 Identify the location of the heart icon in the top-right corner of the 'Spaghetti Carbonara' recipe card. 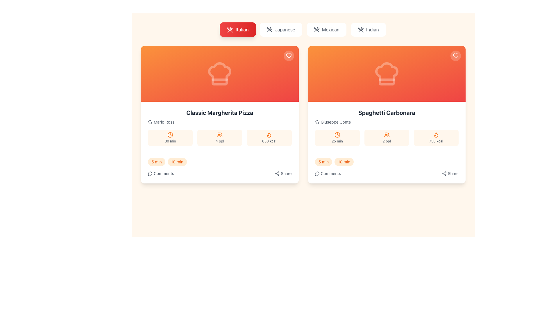
(455, 56).